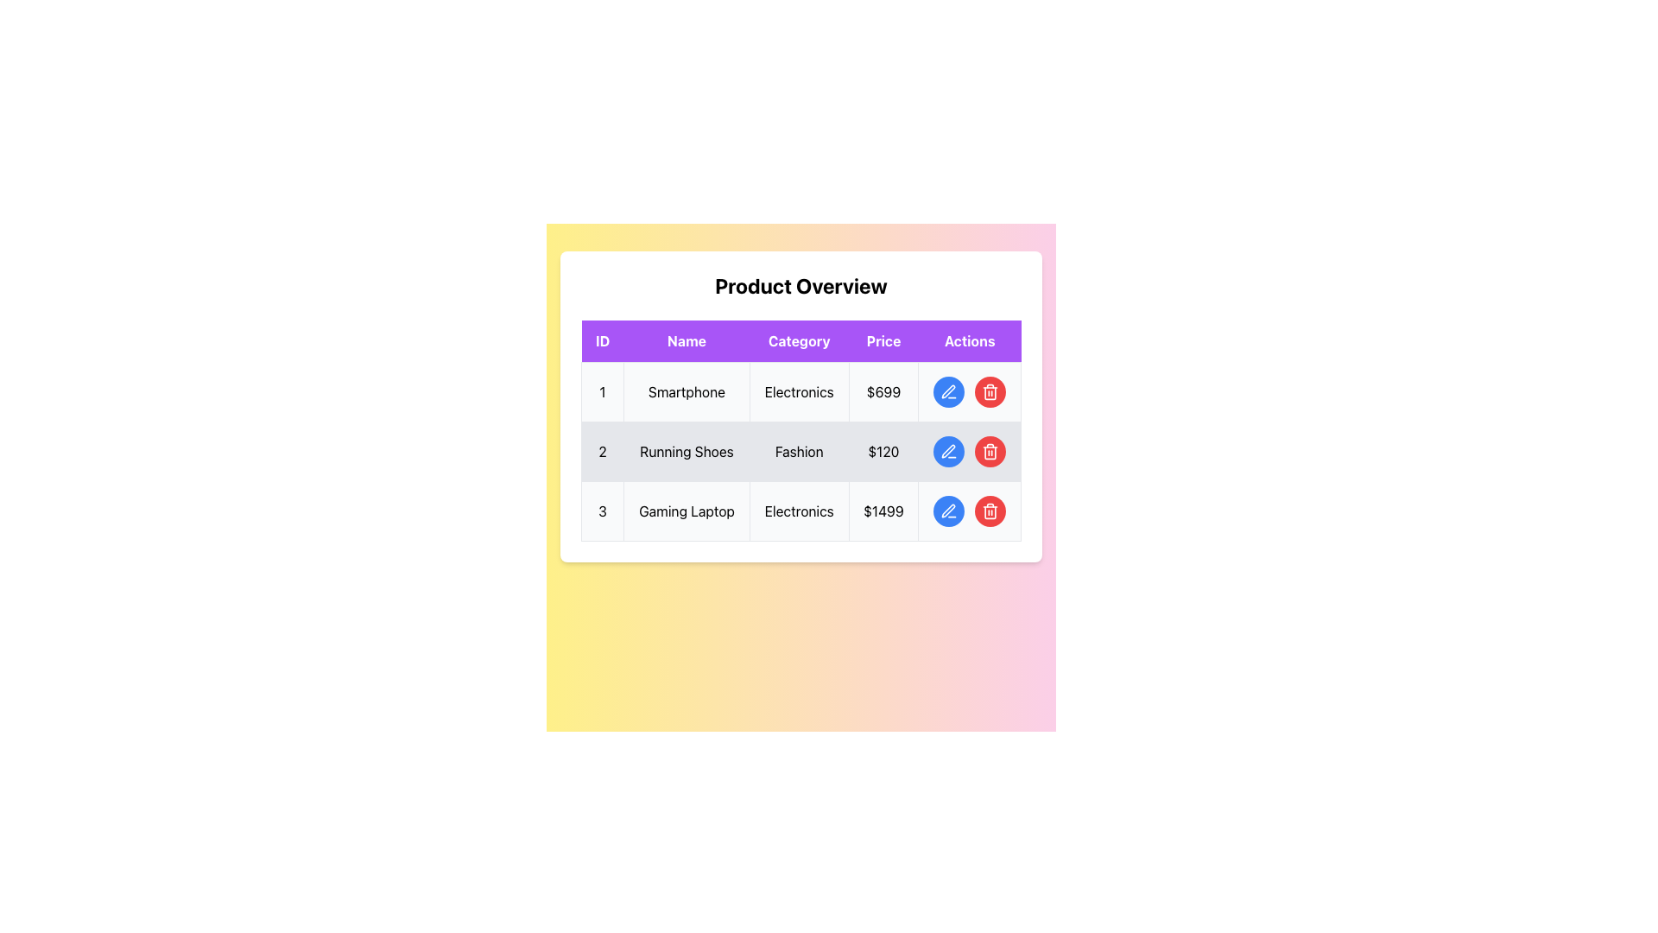 This screenshot has width=1658, height=933. What do you see at coordinates (603, 341) in the screenshot?
I see `the table header cell that contains the text 'ID' in bold white font, which is centered within a purple rectangular background and is the first element in the header row of the product information table` at bounding box center [603, 341].